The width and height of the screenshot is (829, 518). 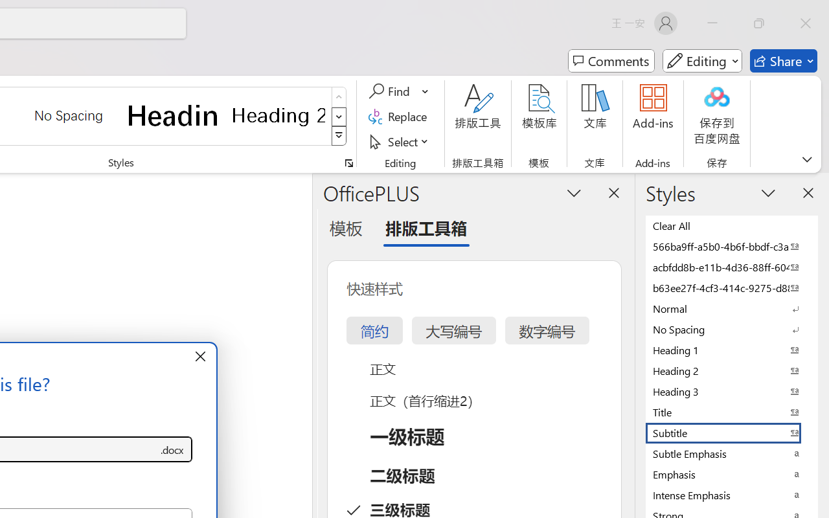 What do you see at coordinates (732, 433) in the screenshot?
I see `'Subtitle'` at bounding box center [732, 433].